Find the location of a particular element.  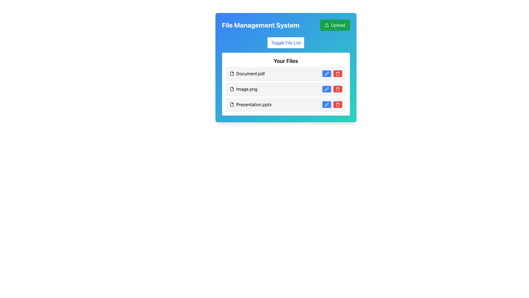

the blue pen icon button located to the right of the 'Image.png' file entry in the 'Your Files' section to gain focus is located at coordinates (326, 89).